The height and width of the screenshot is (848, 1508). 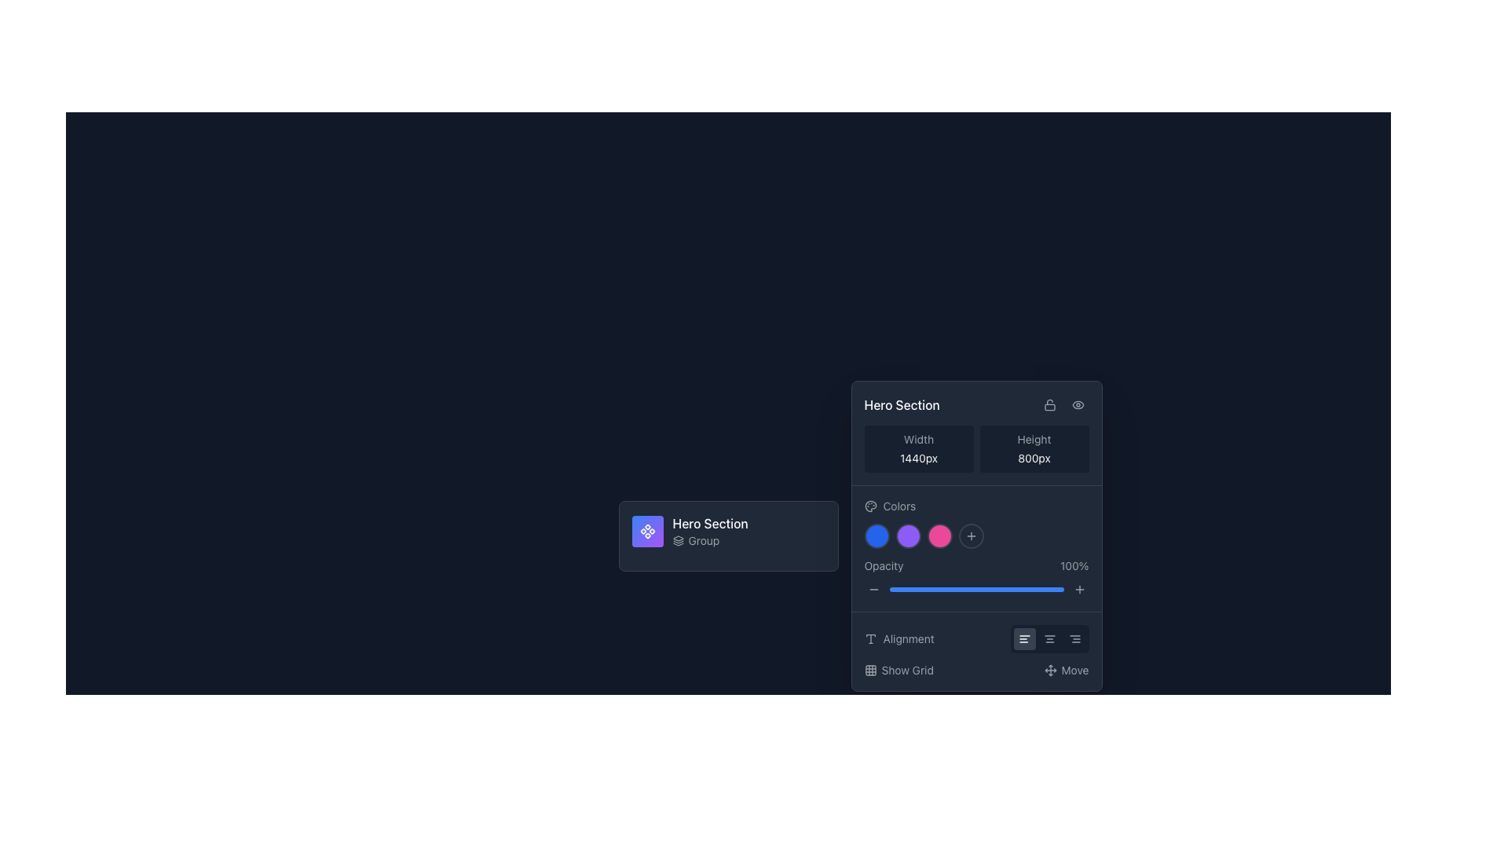 What do you see at coordinates (1074, 638) in the screenshot?
I see `the right-alignment icon located in the 'Hero Section' panel at the bottom-right corner` at bounding box center [1074, 638].